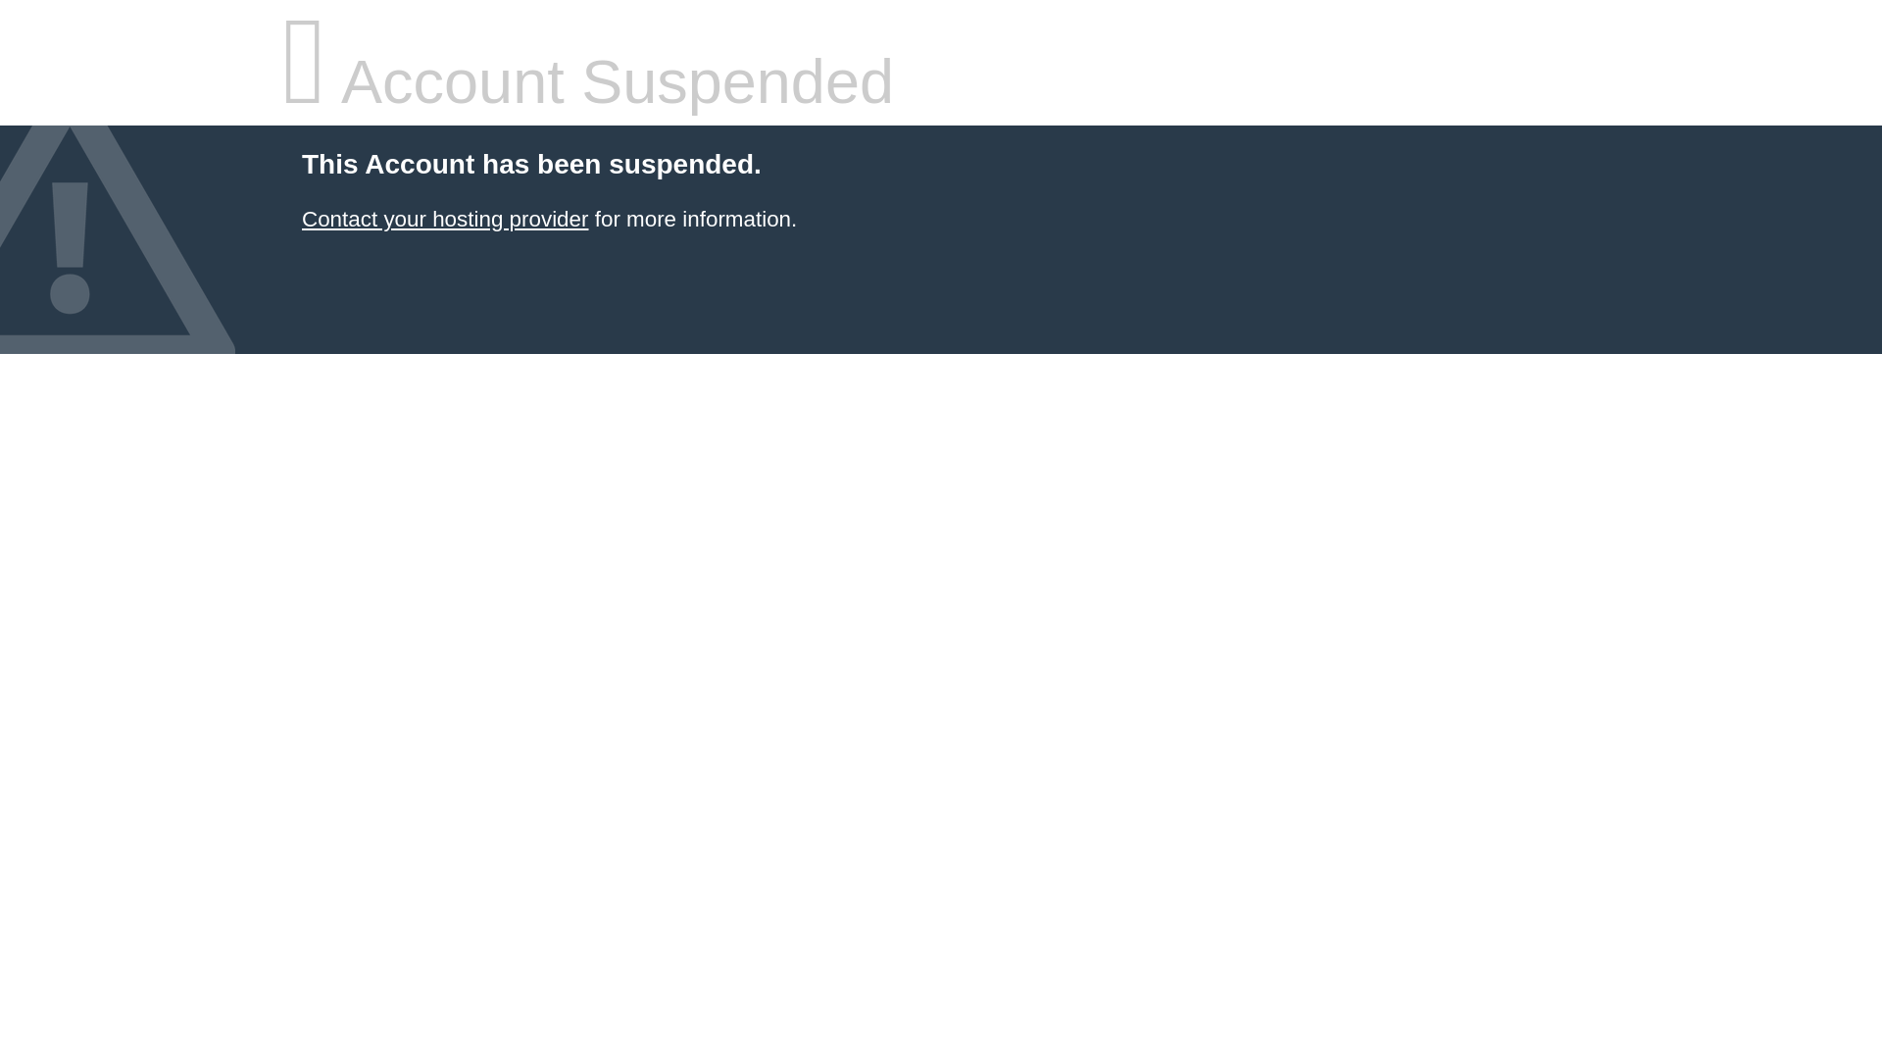 The image size is (1882, 1059). Describe the element at coordinates (444, 219) in the screenshot. I see `'Contact your hosting provider'` at that location.